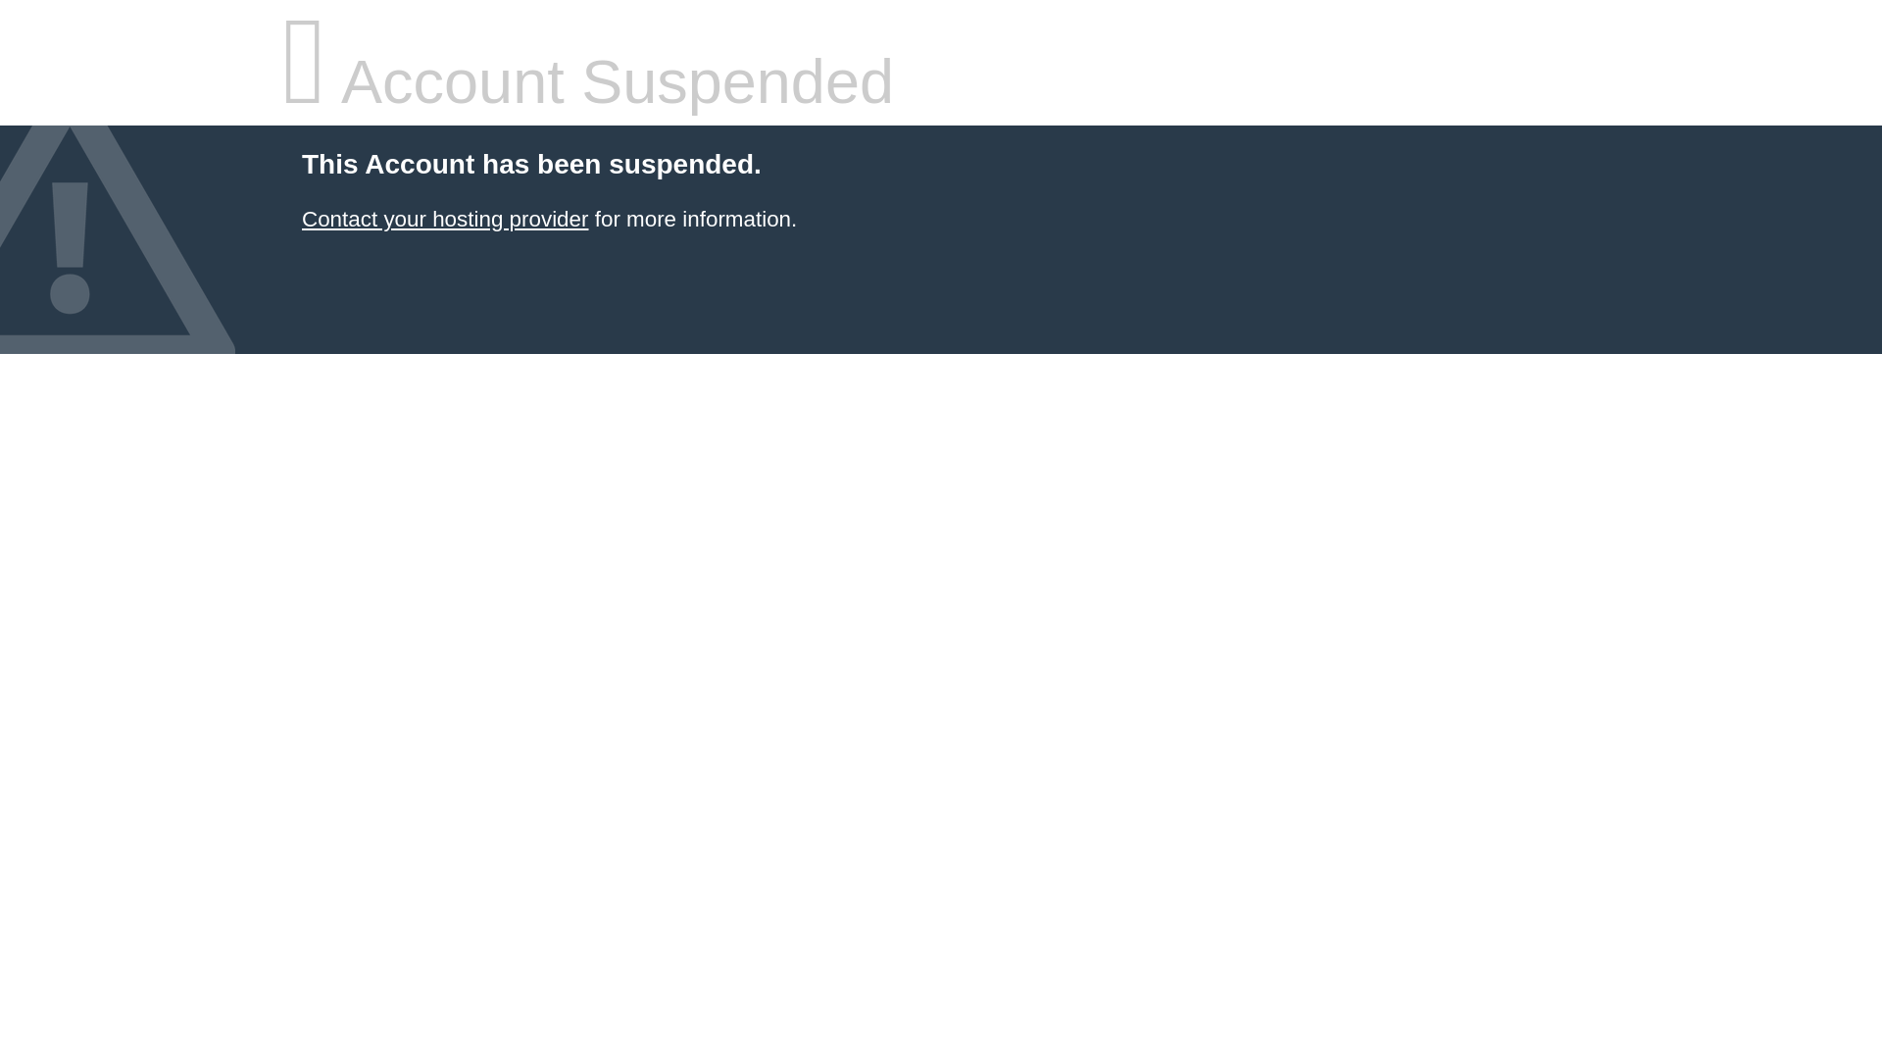 The image size is (1882, 1059). Describe the element at coordinates (444, 219) in the screenshot. I see `'Contact your hosting provider'` at that location.